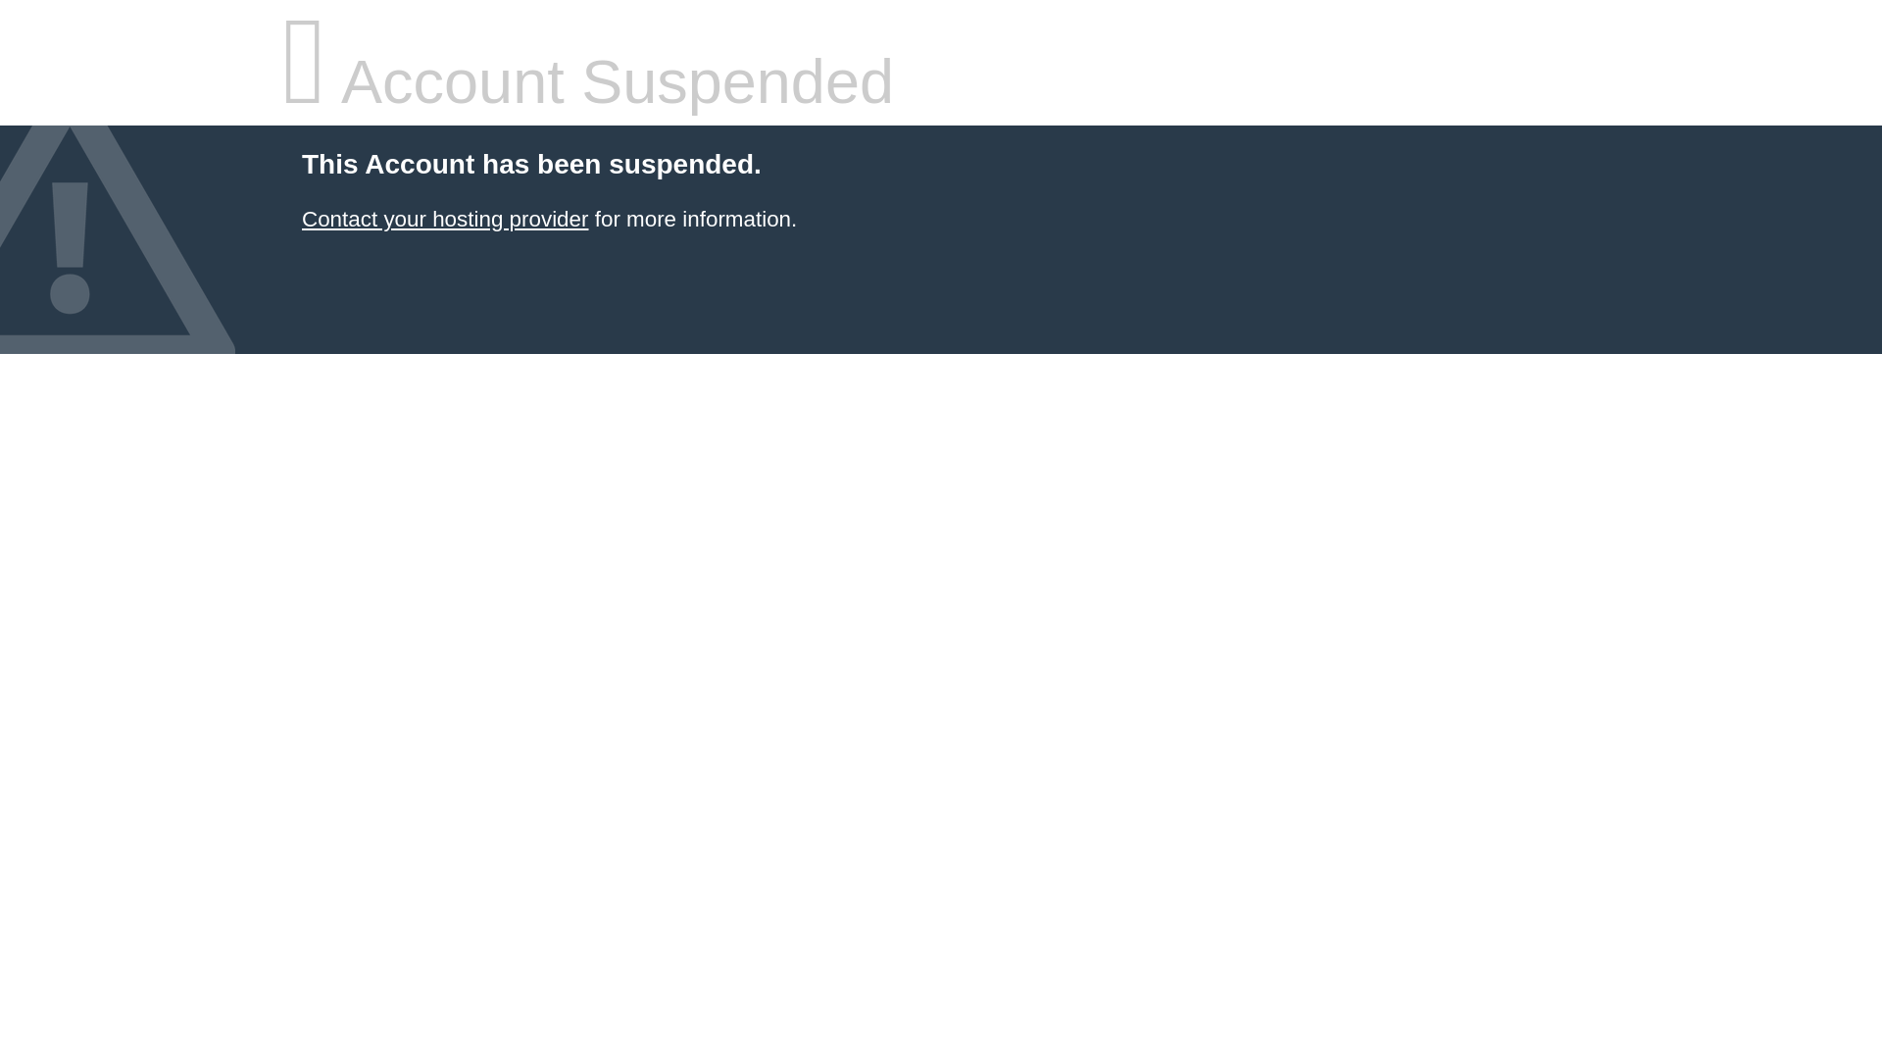 The image size is (1882, 1059). Describe the element at coordinates (444, 219) in the screenshot. I see `'Contact your hosting provider'` at that location.